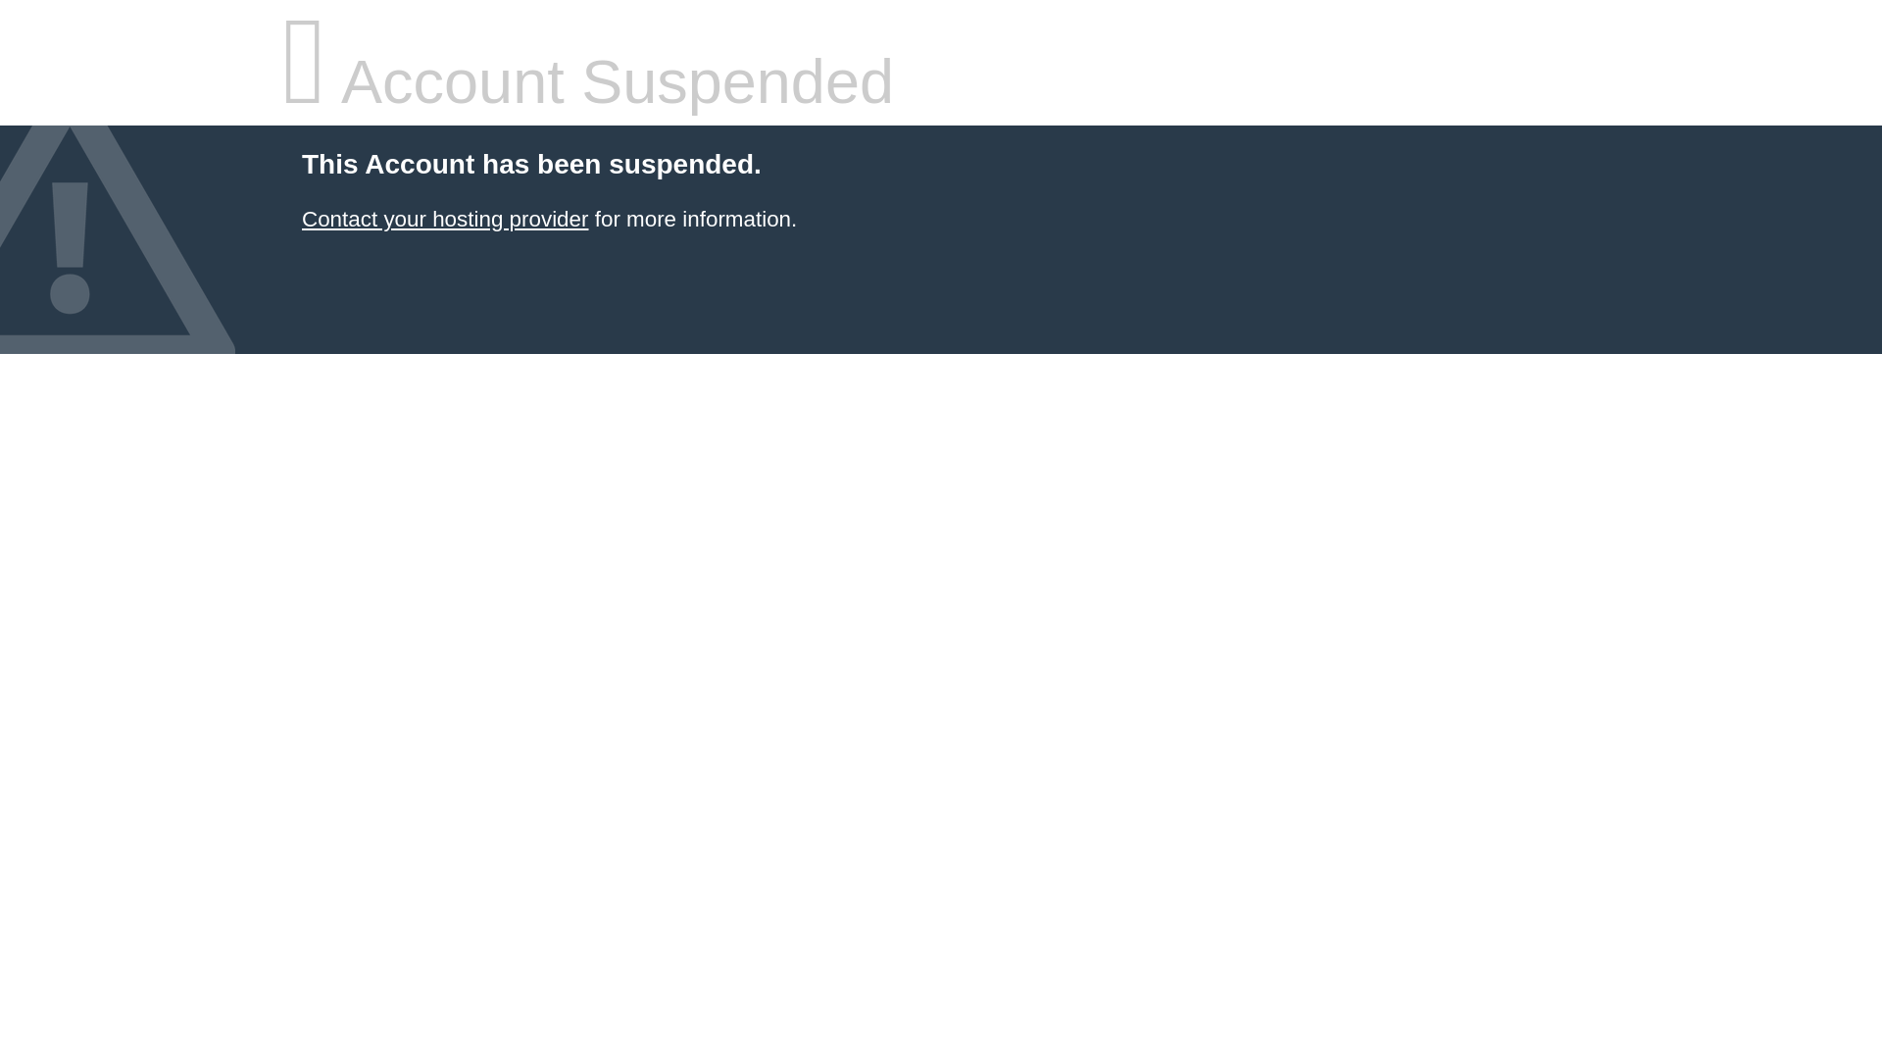 The image size is (1882, 1059). Describe the element at coordinates (444, 219) in the screenshot. I see `'Contact your hosting provider'` at that location.